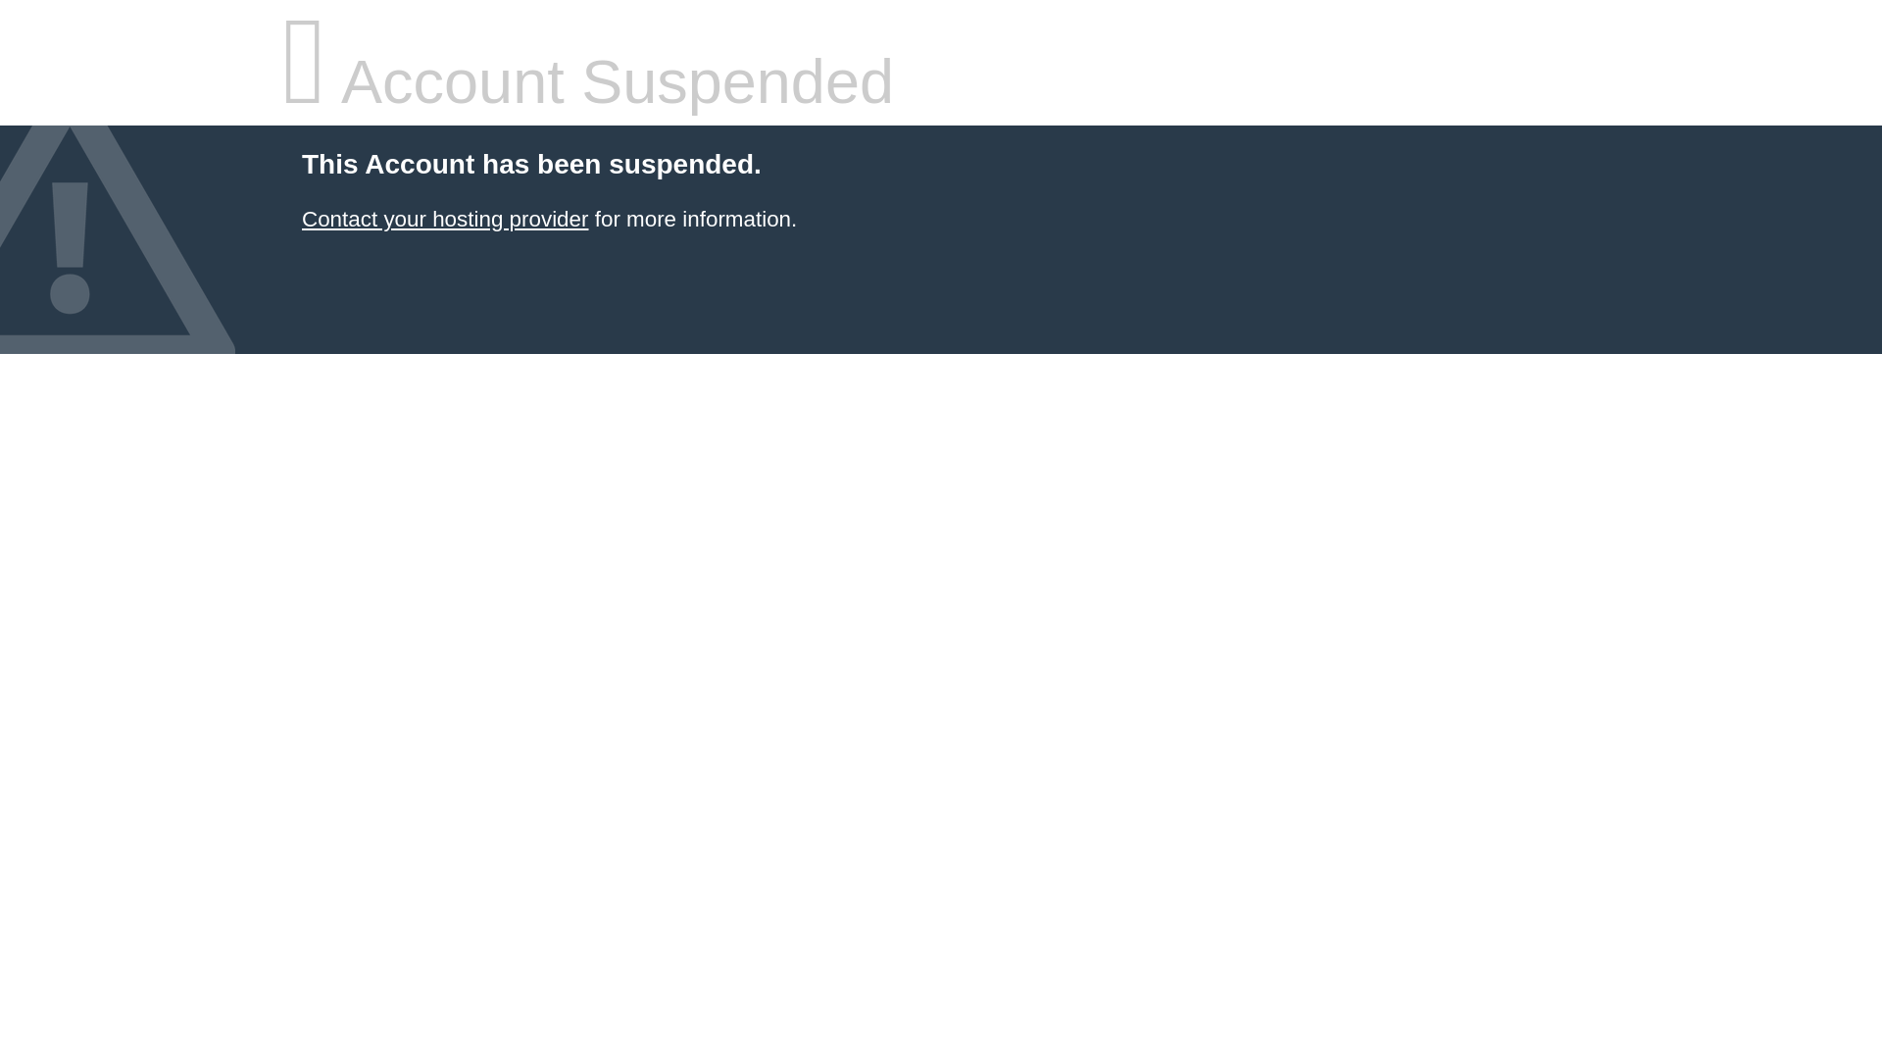 The image size is (1882, 1059). Describe the element at coordinates (444, 219) in the screenshot. I see `'Contact your hosting provider'` at that location.